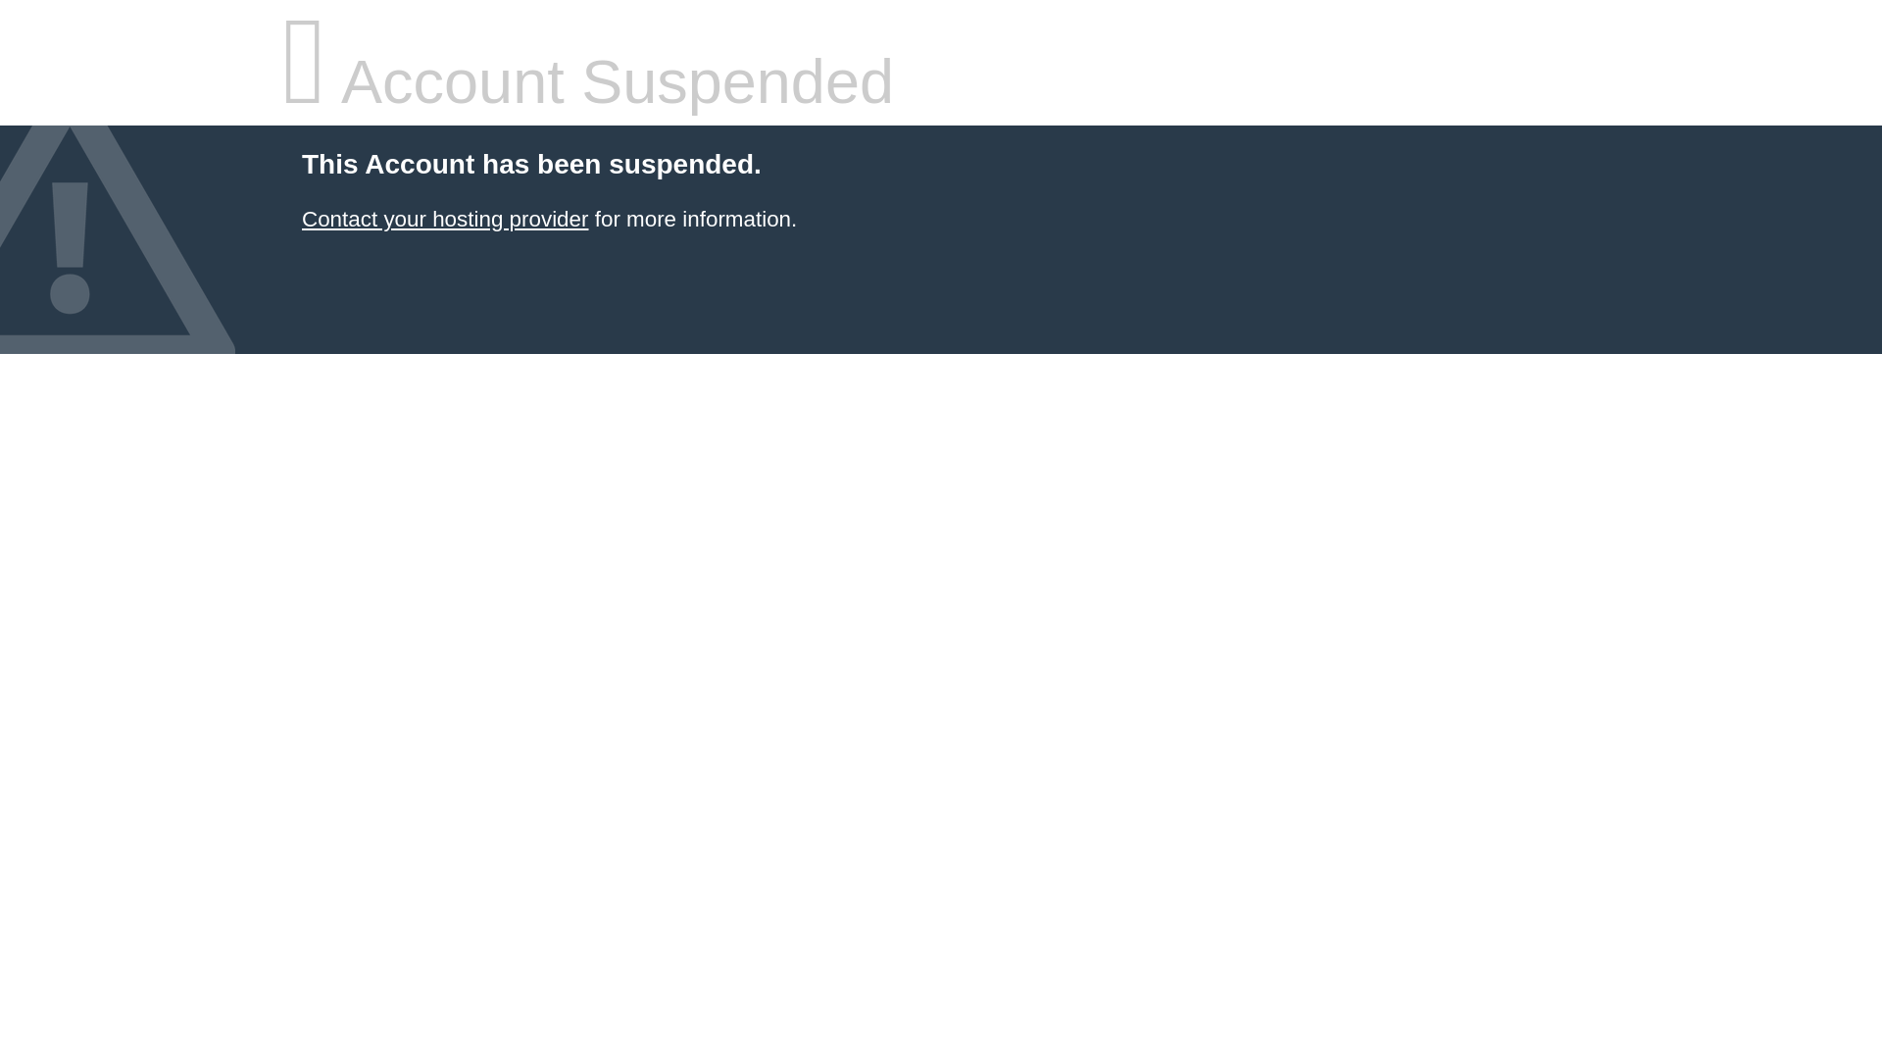 The image size is (1882, 1059). Describe the element at coordinates (444, 219) in the screenshot. I see `'Contact your hosting provider'` at that location.